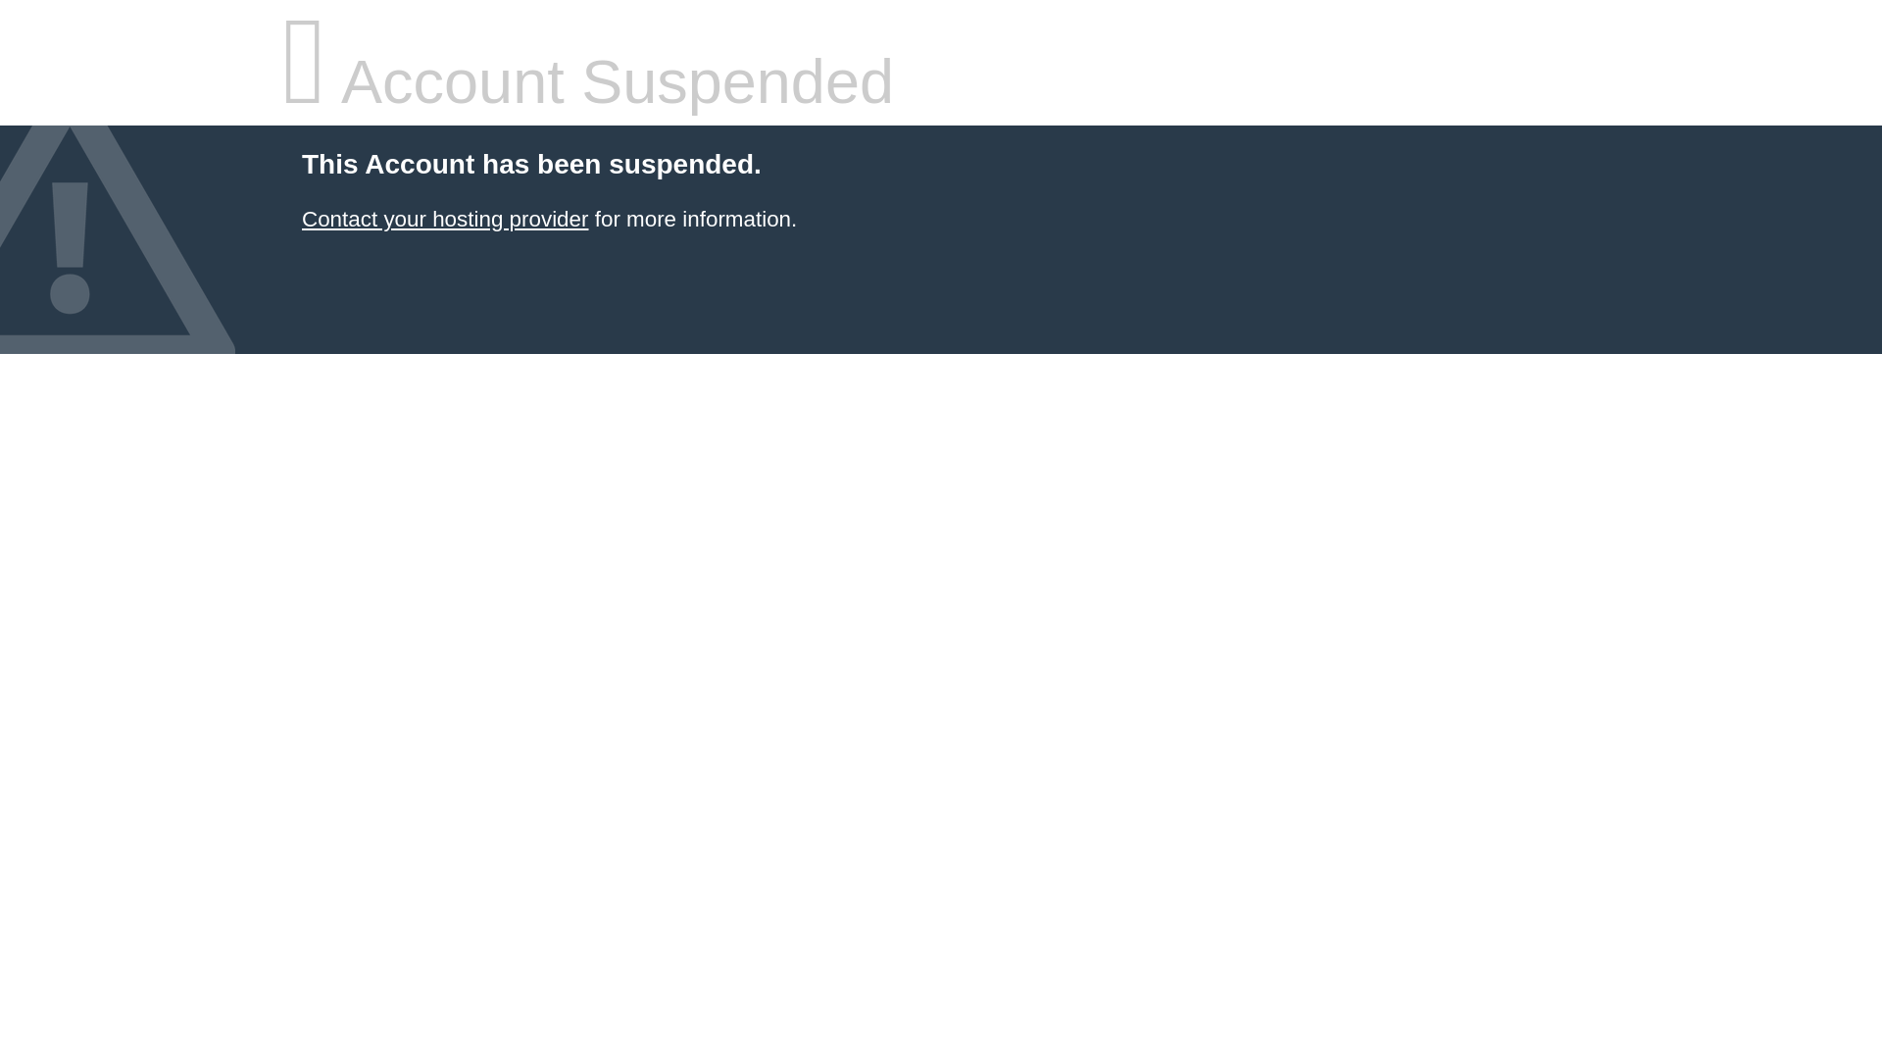 The image size is (1882, 1059). Describe the element at coordinates (444, 219) in the screenshot. I see `'Contact your hosting provider'` at that location.